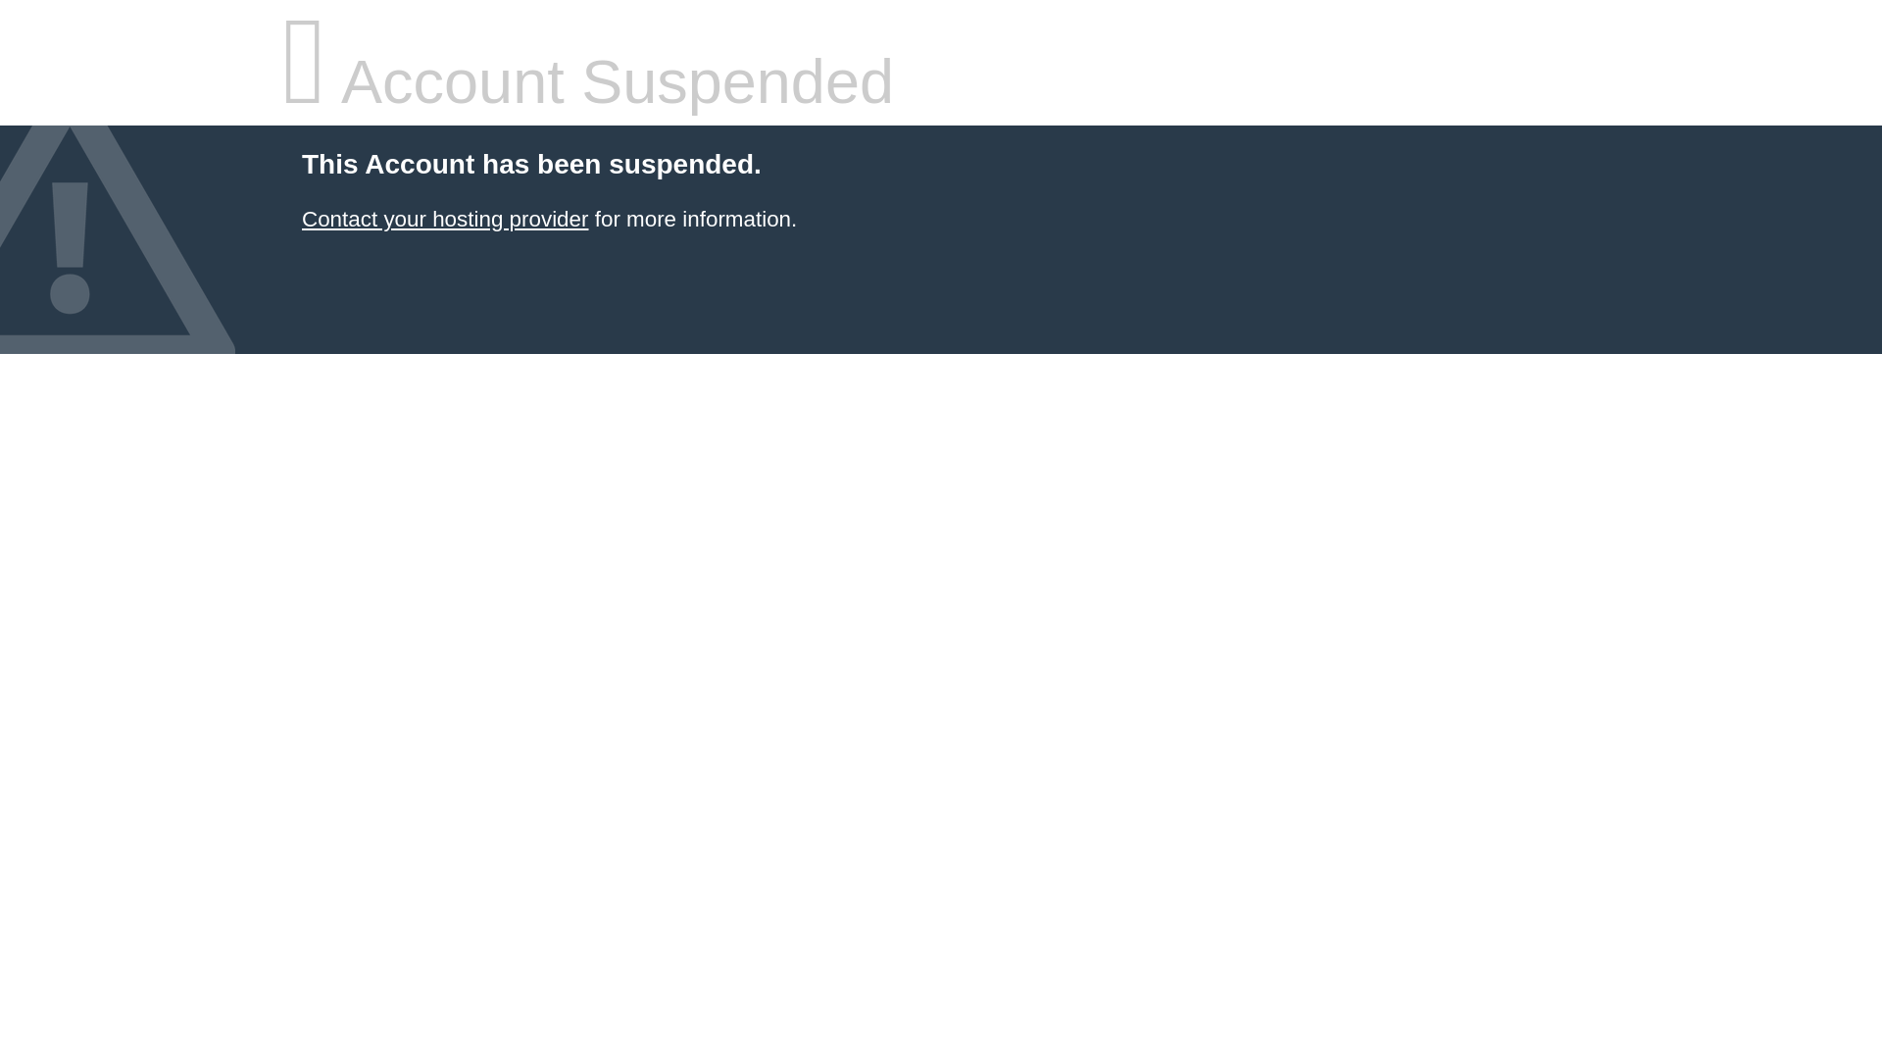 The image size is (1882, 1059). Describe the element at coordinates (444, 219) in the screenshot. I see `'Contact your hosting provider'` at that location.